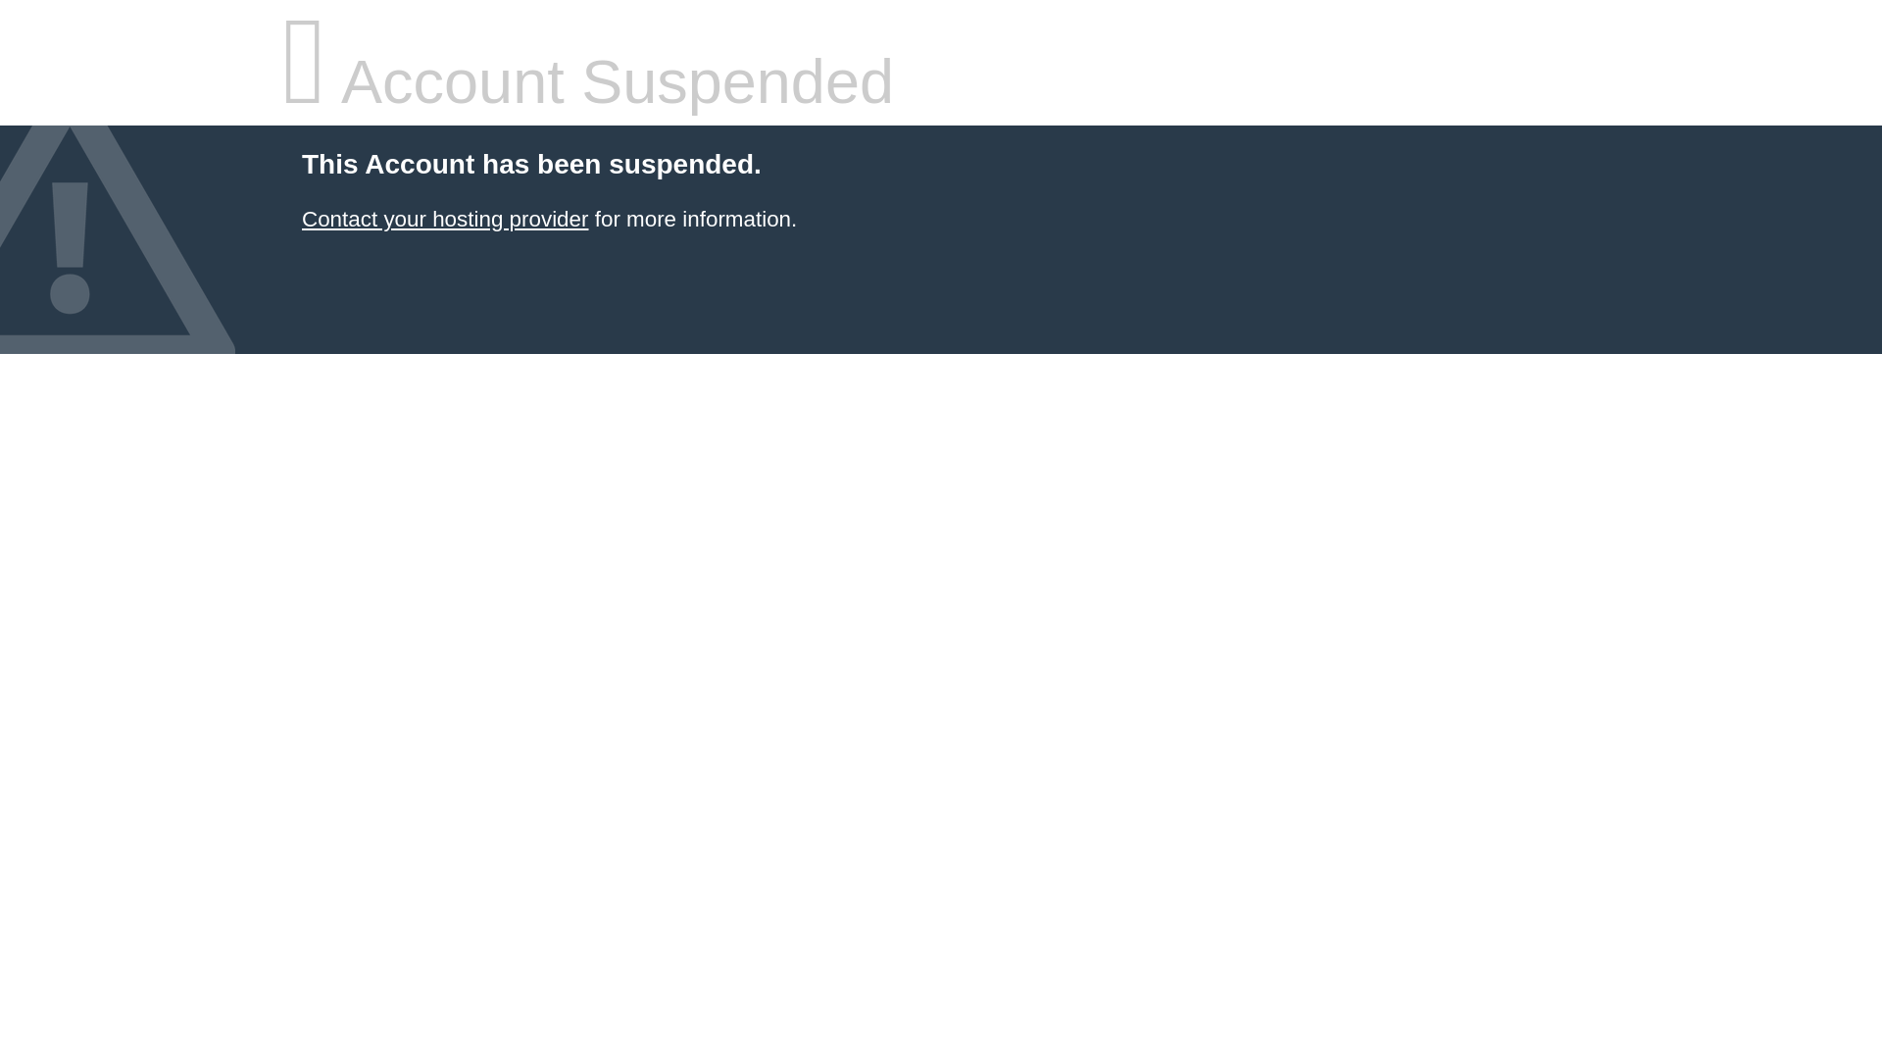 The image size is (1882, 1059). Describe the element at coordinates (444, 219) in the screenshot. I see `'Contact your hosting provider'` at that location.